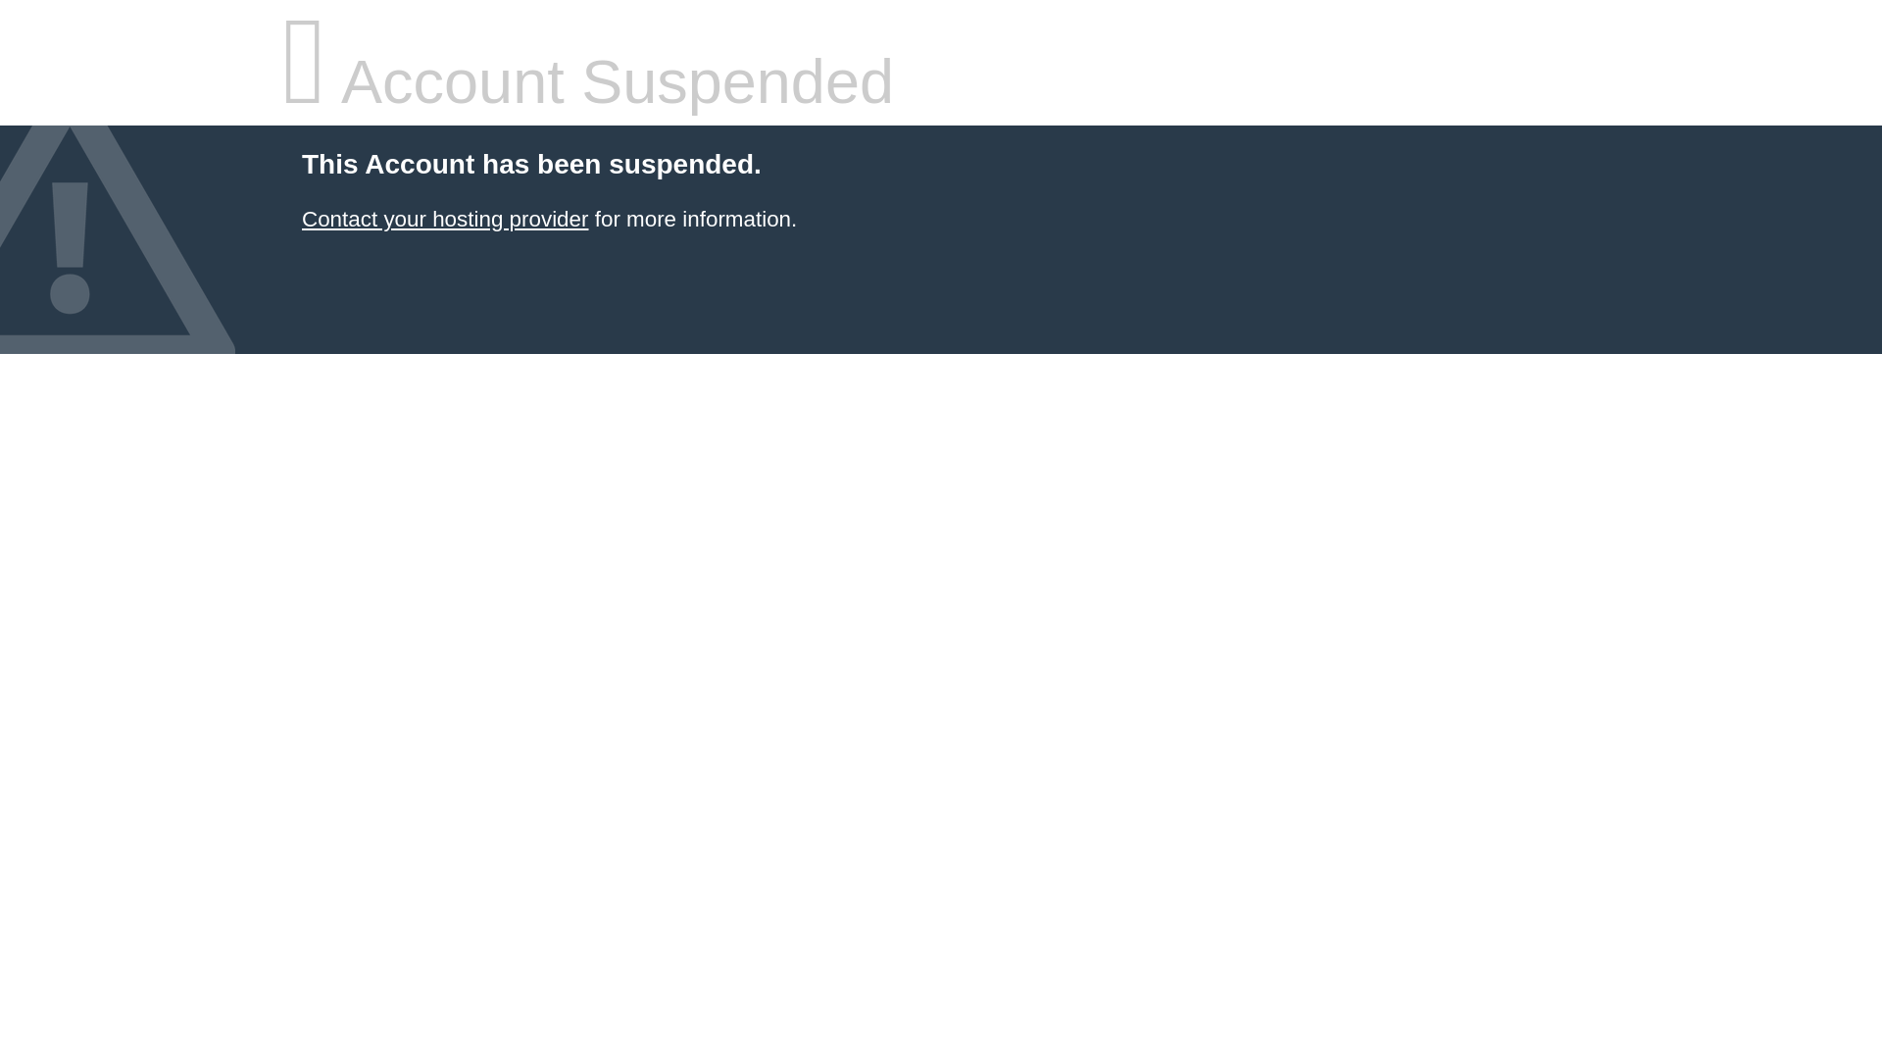 The image size is (1882, 1059). Describe the element at coordinates (444, 219) in the screenshot. I see `'Contact your hosting provider'` at that location.